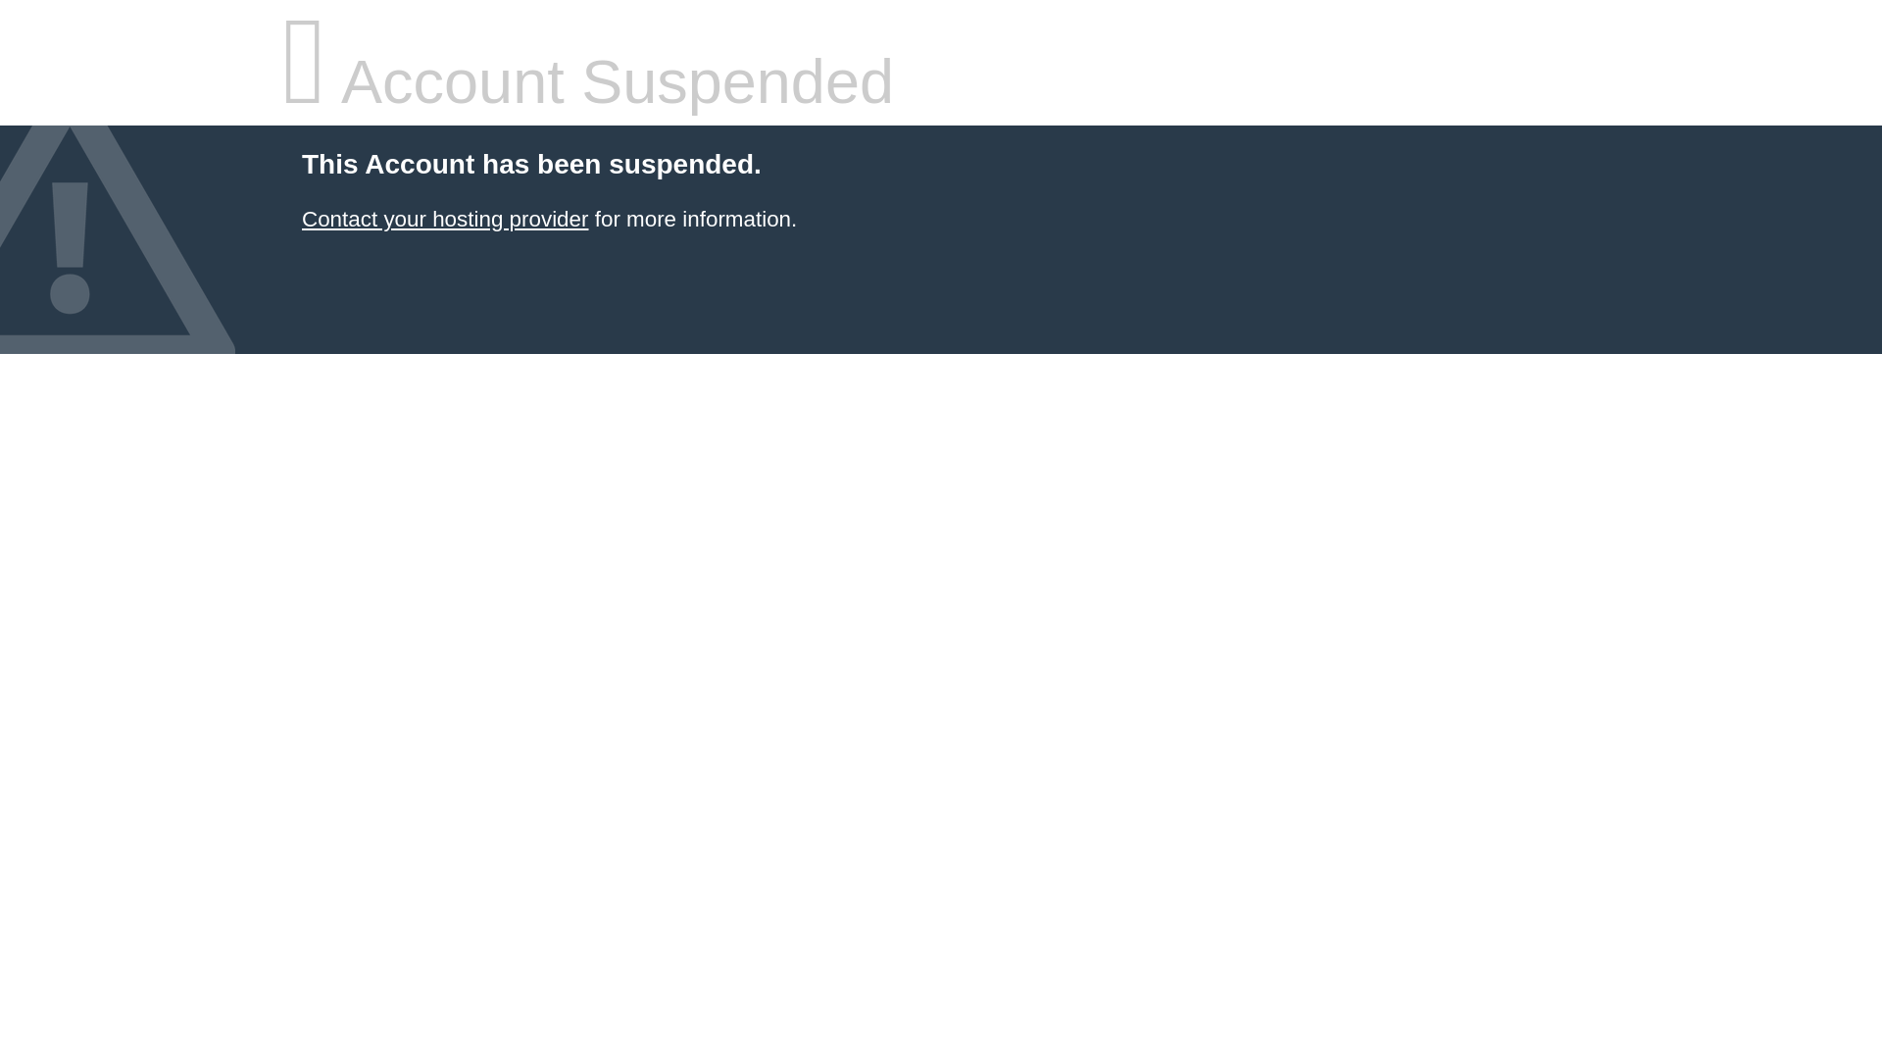 The image size is (1882, 1059). Describe the element at coordinates (444, 219) in the screenshot. I see `'Contact your hosting provider'` at that location.